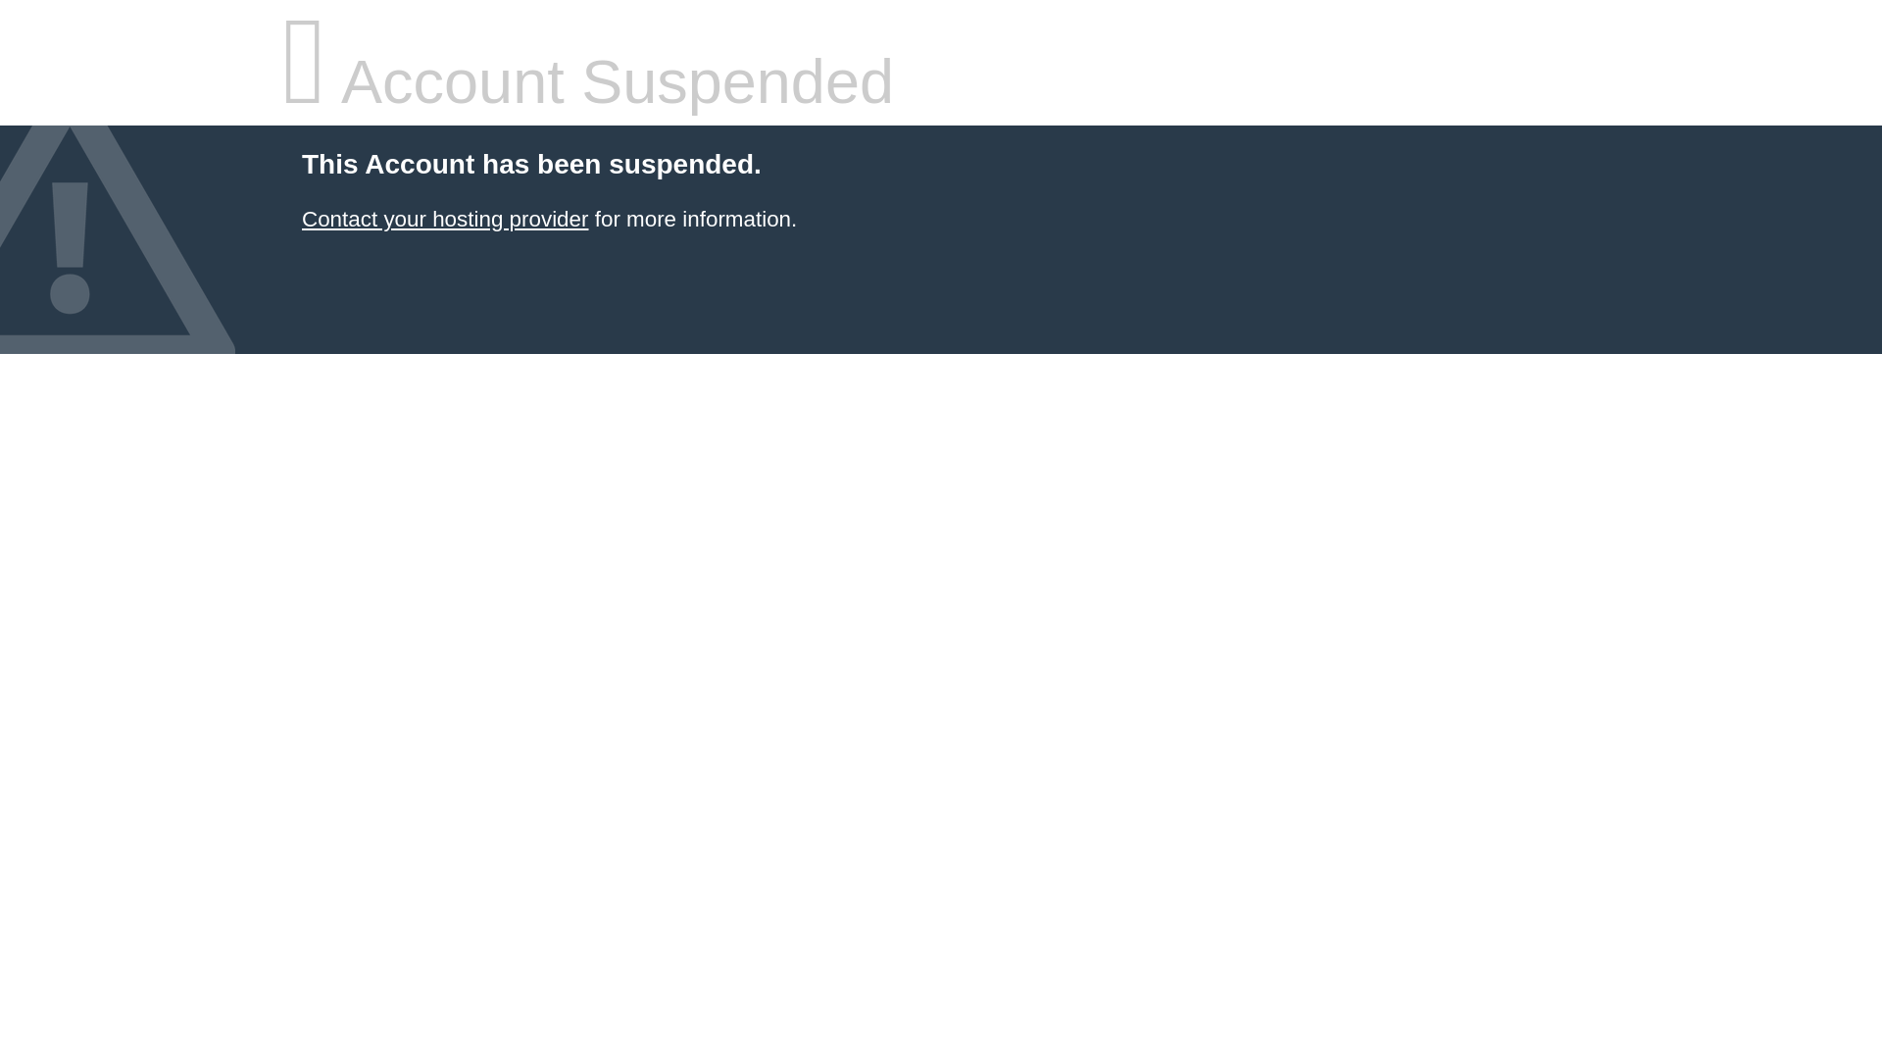 The image size is (1882, 1059). Describe the element at coordinates (444, 219) in the screenshot. I see `'Contact your hosting provider'` at that location.